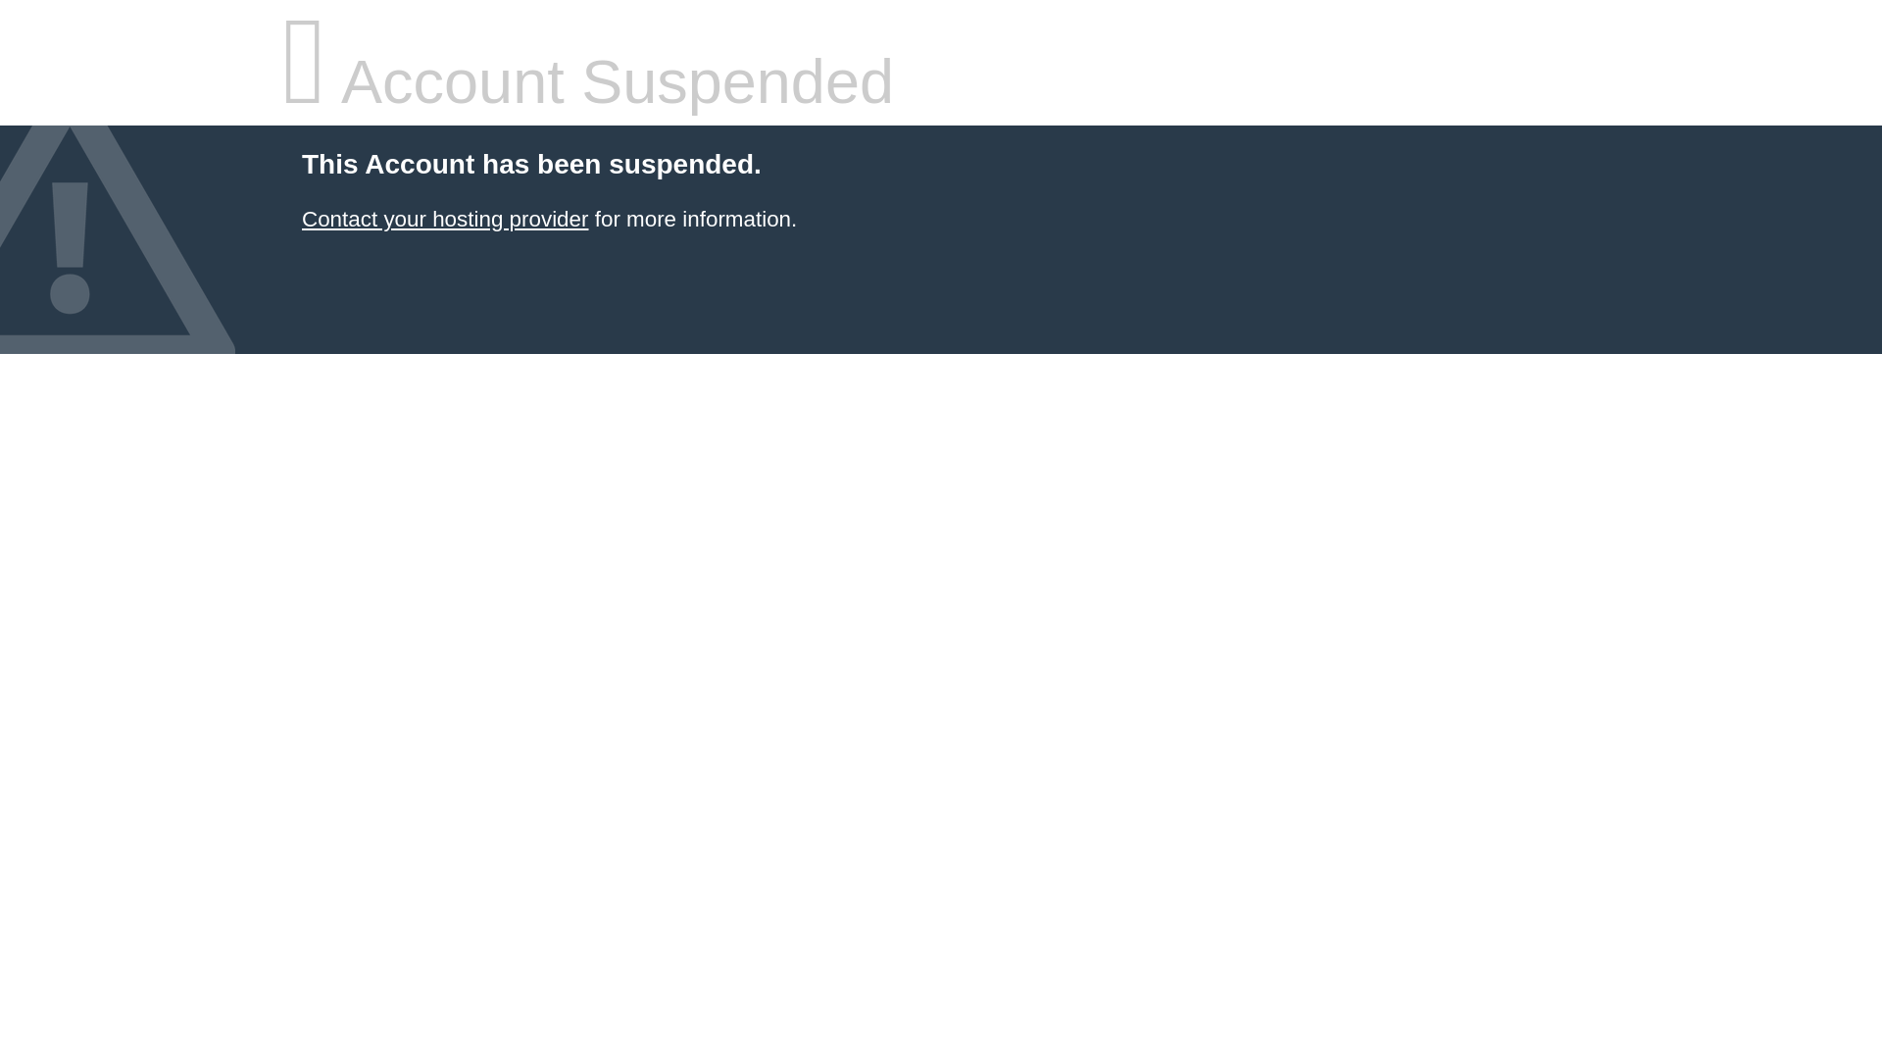 The image size is (1882, 1059). Describe the element at coordinates (444, 219) in the screenshot. I see `'Contact your hosting provider'` at that location.